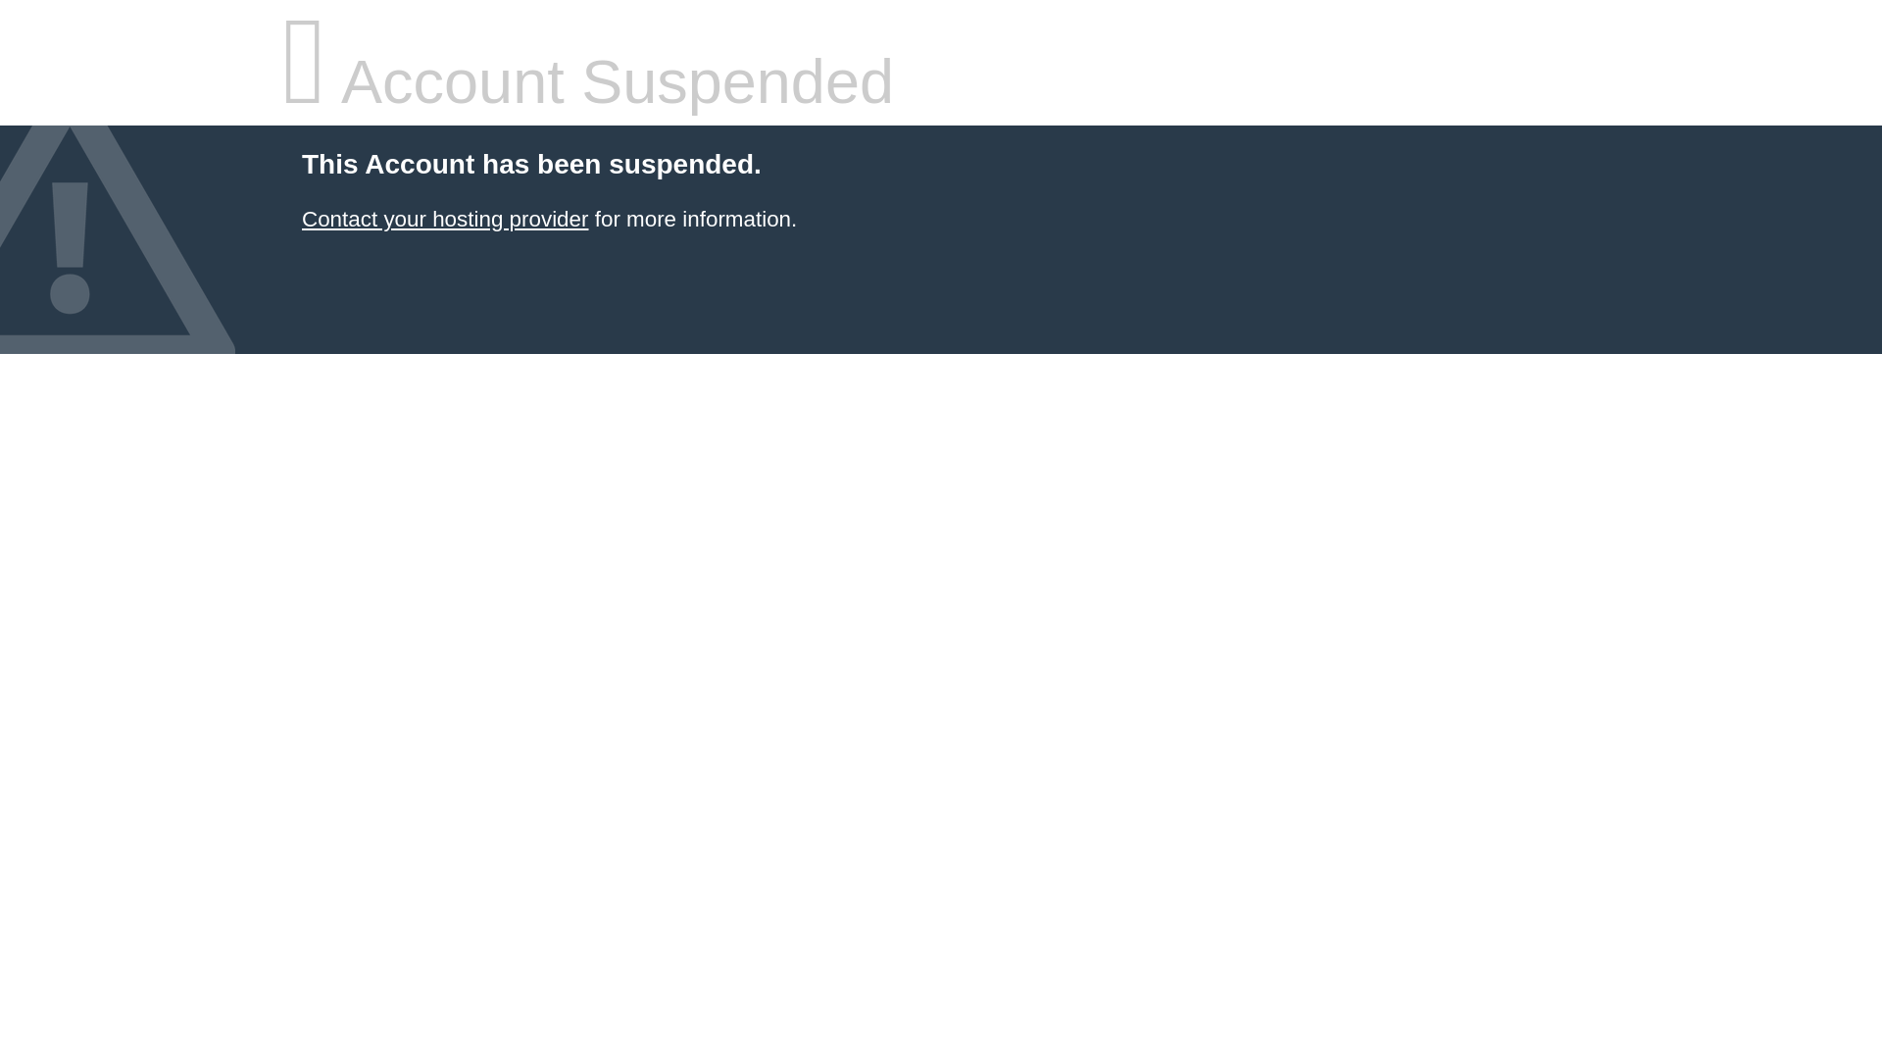 The image size is (1882, 1059). Describe the element at coordinates (444, 219) in the screenshot. I see `'Contact your hosting provider'` at that location.